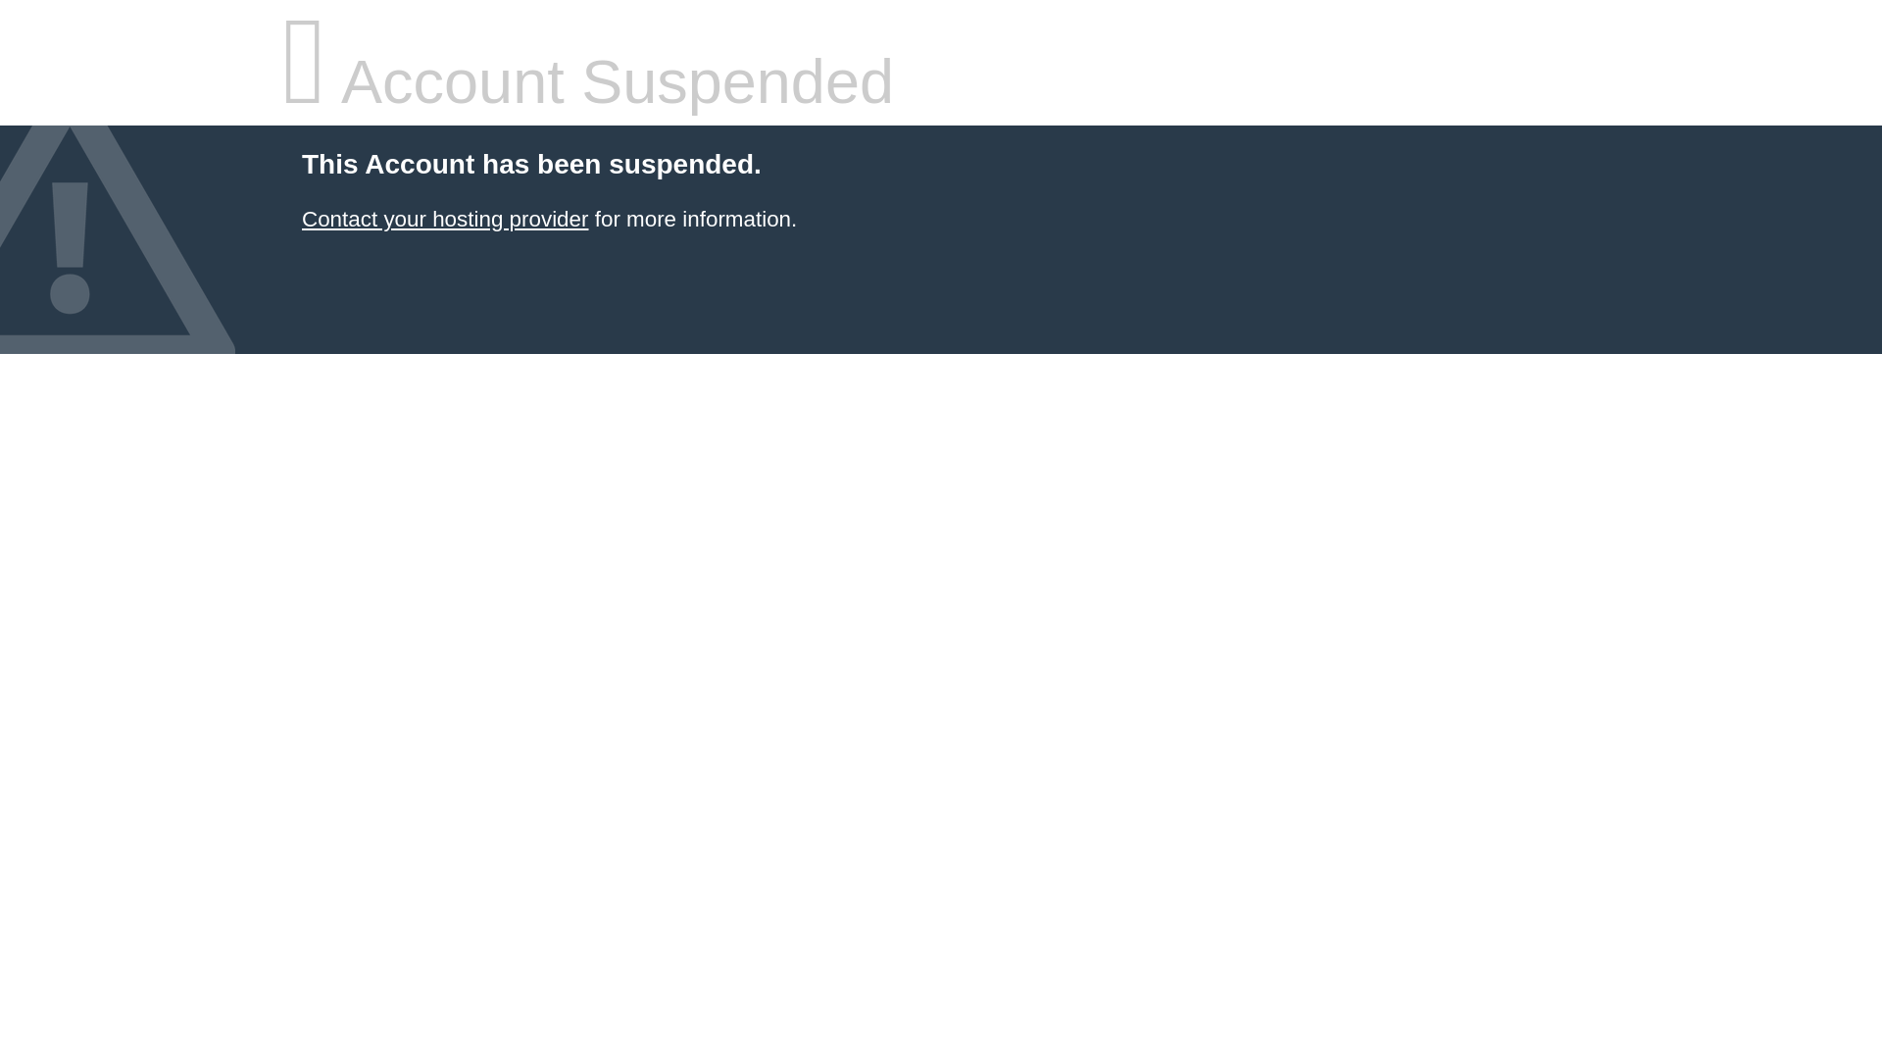 The image size is (1882, 1059). Describe the element at coordinates (444, 219) in the screenshot. I see `'Contact your hosting provider'` at that location.